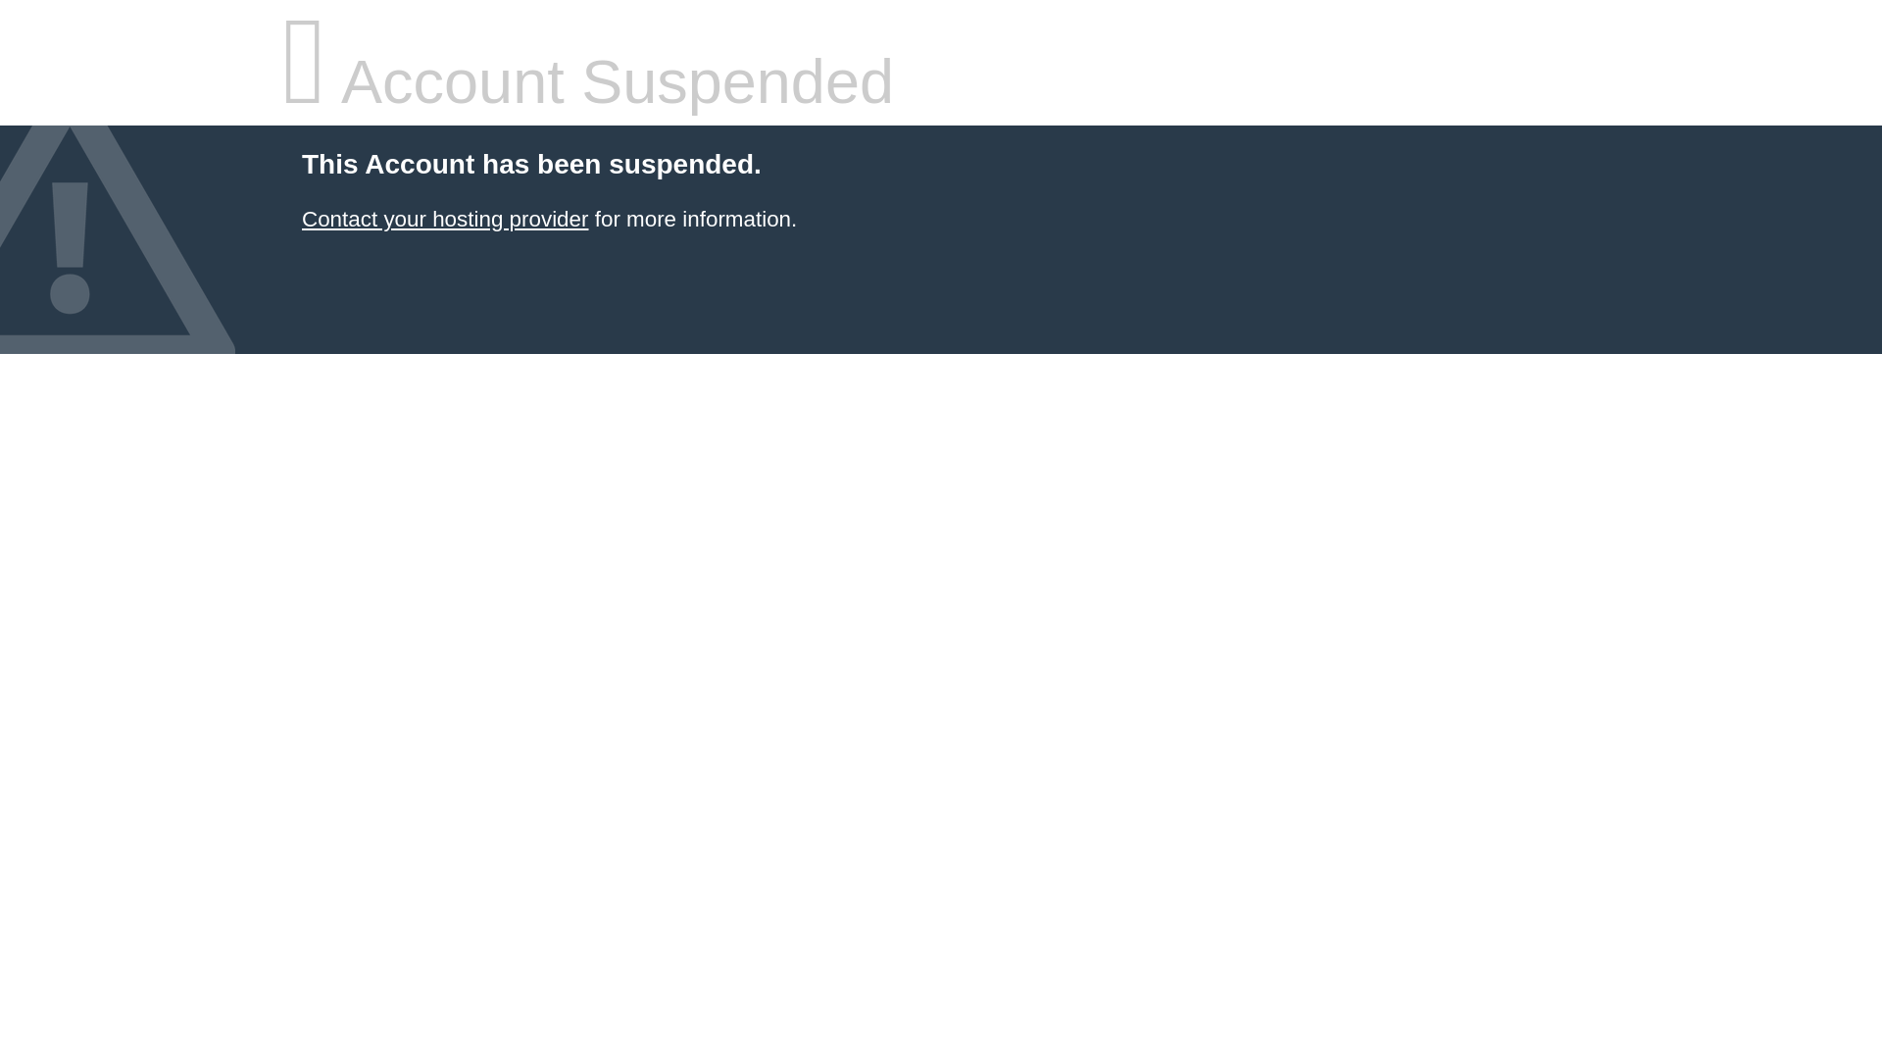 The image size is (1882, 1059). Describe the element at coordinates (444, 219) in the screenshot. I see `'Contact your hosting provider'` at that location.